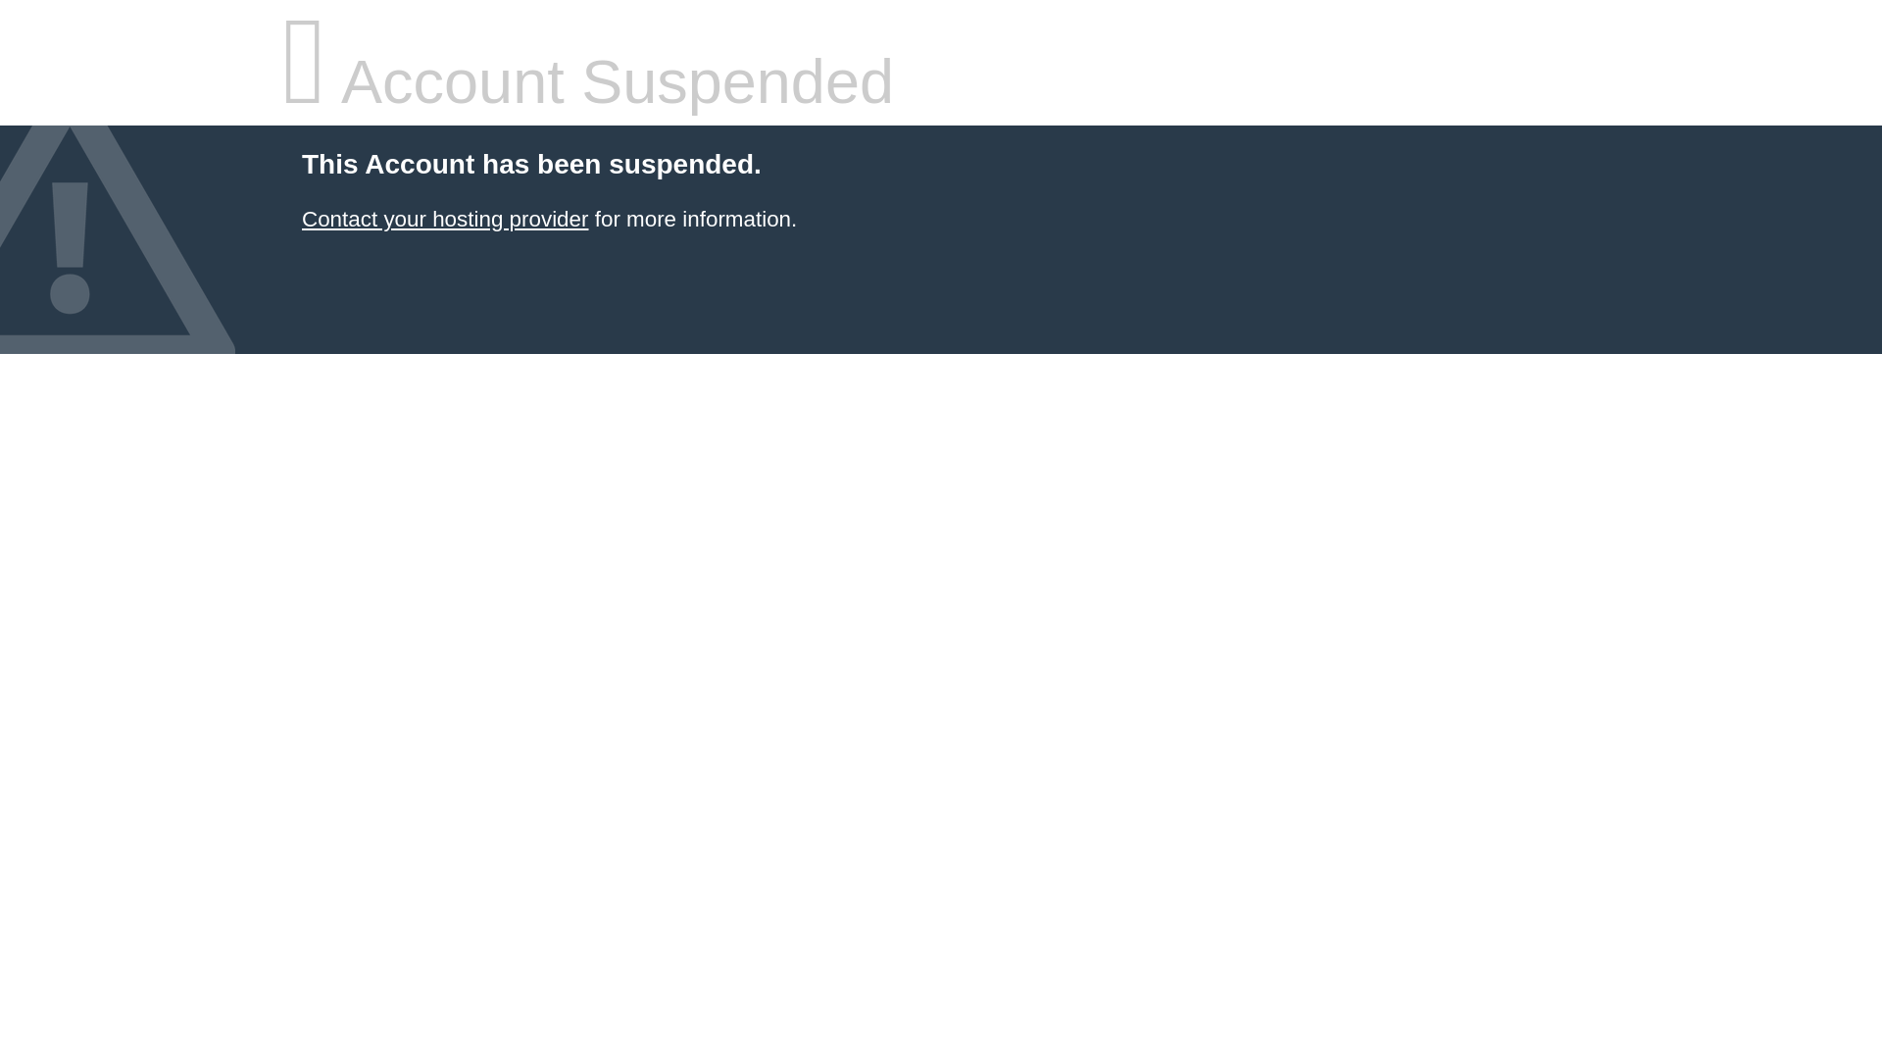 The image size is (1882, 1059). Describe the element at coordinates (444, 219) in the screenshot. I see `'Contact your hosting provider'` at that location.